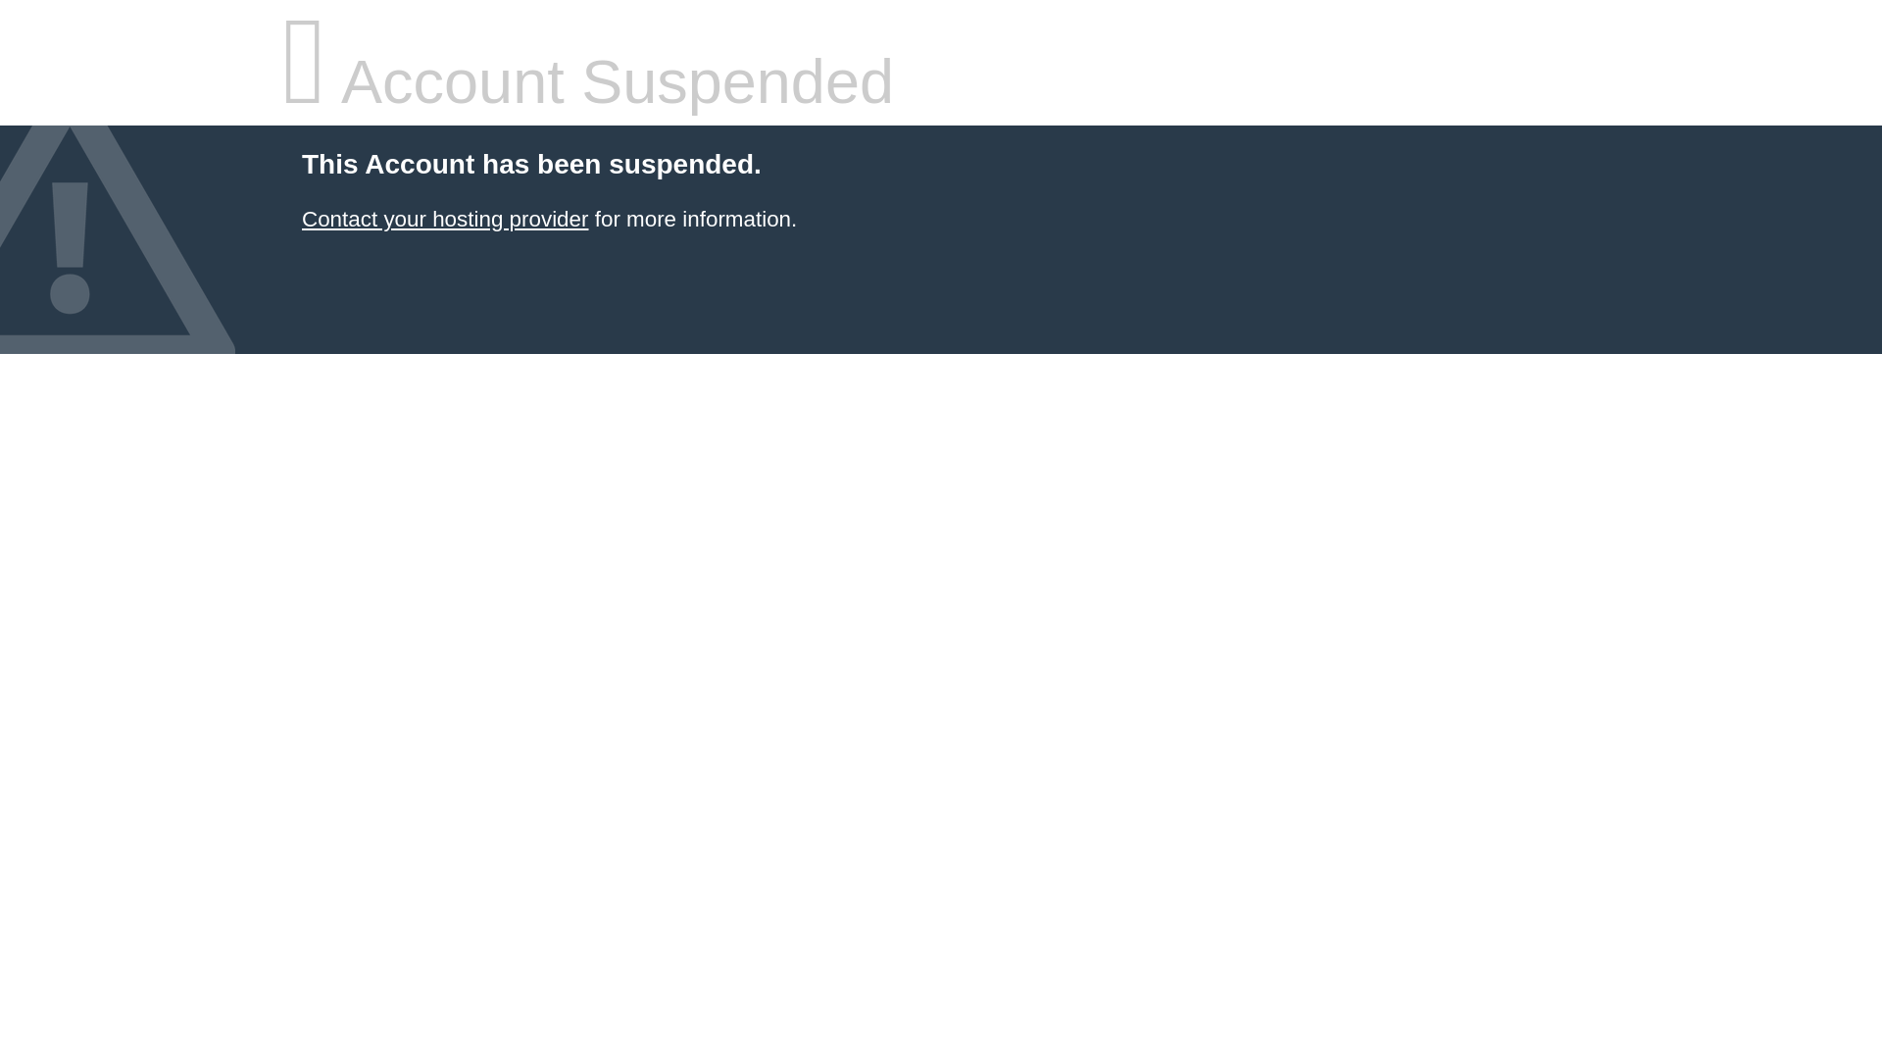 The image size is (1882, 1059). Describe the element at coordinates (444, 219) in the screenshot. I see `'Contact your hosting provider'` at that location.